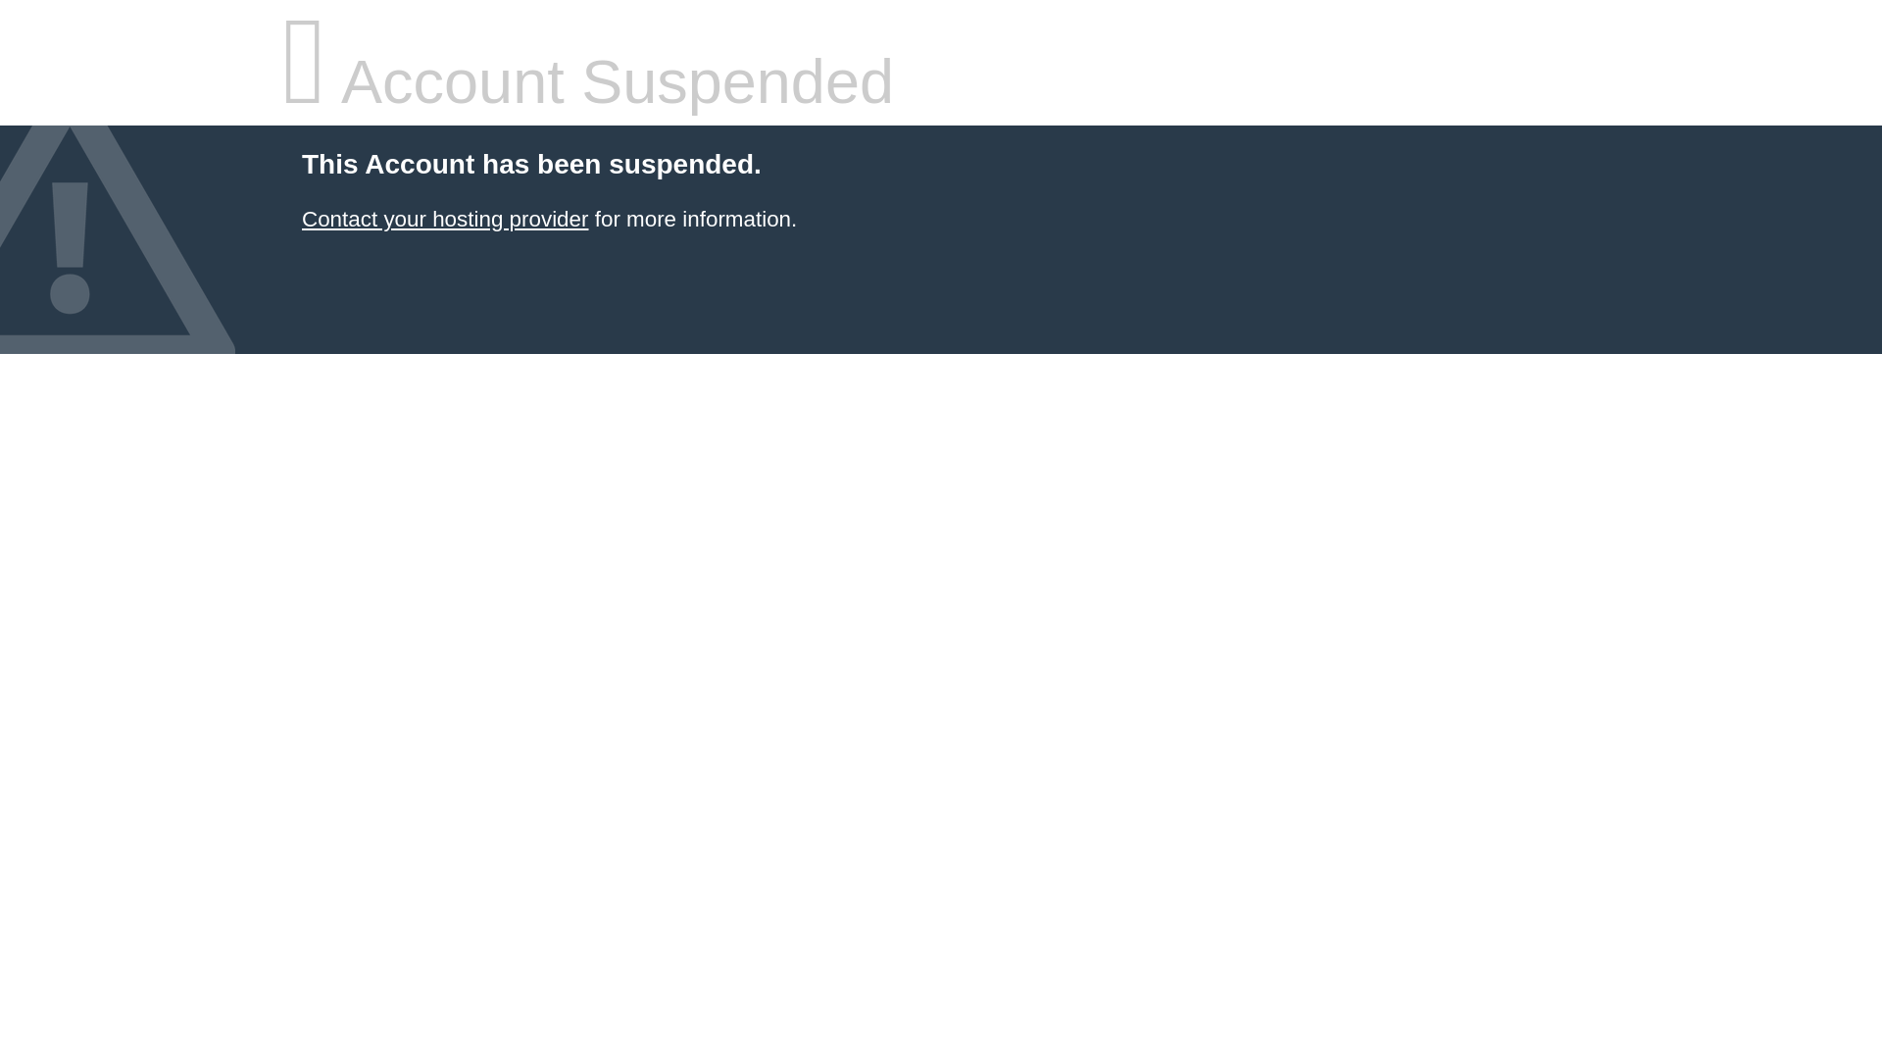 The image size is (1882, 1059). Describe the element at coordinates (444, 219) in the screenshot. I see `'Contact your hosting provider'` at that location.